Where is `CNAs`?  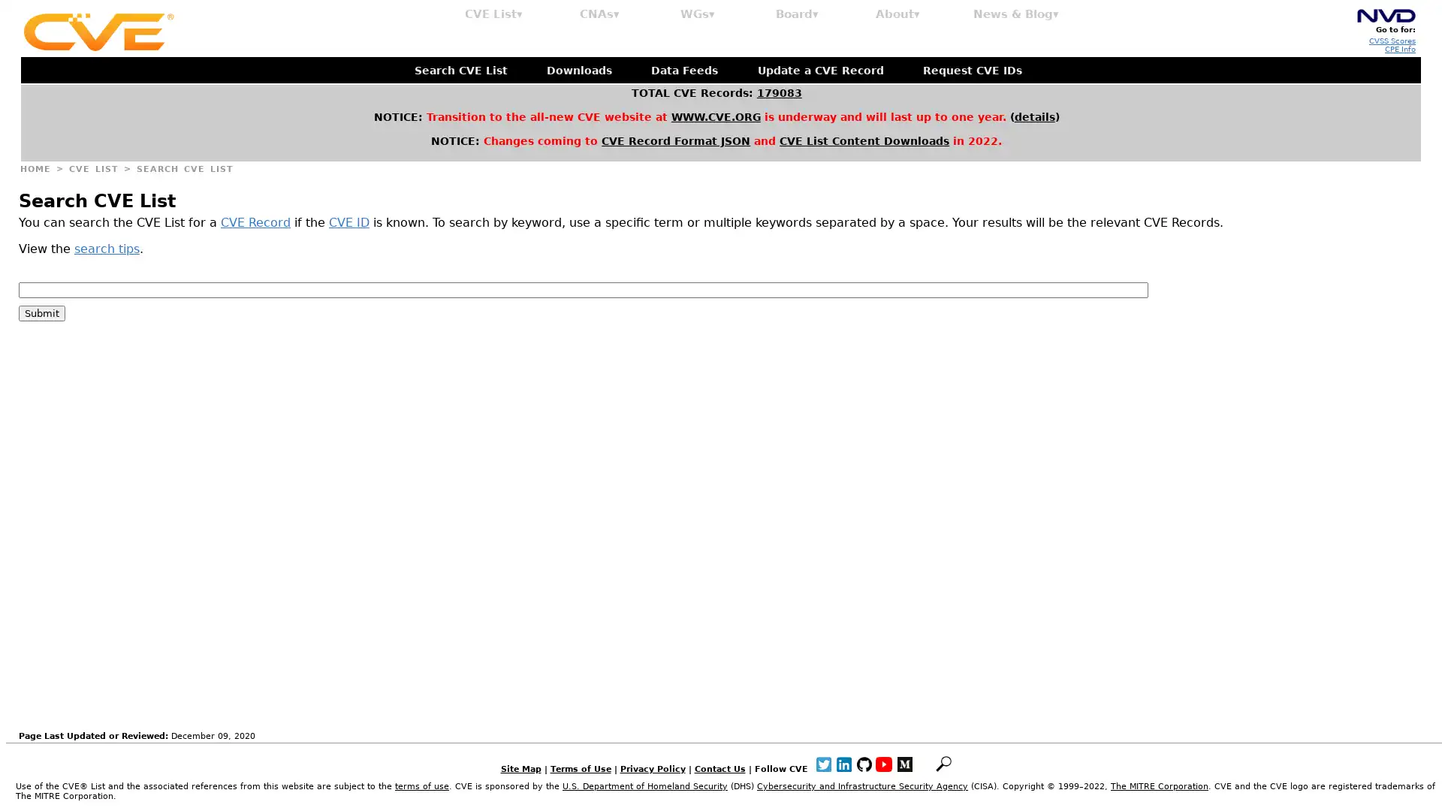
CNAs is located at coordinates (599, 14).